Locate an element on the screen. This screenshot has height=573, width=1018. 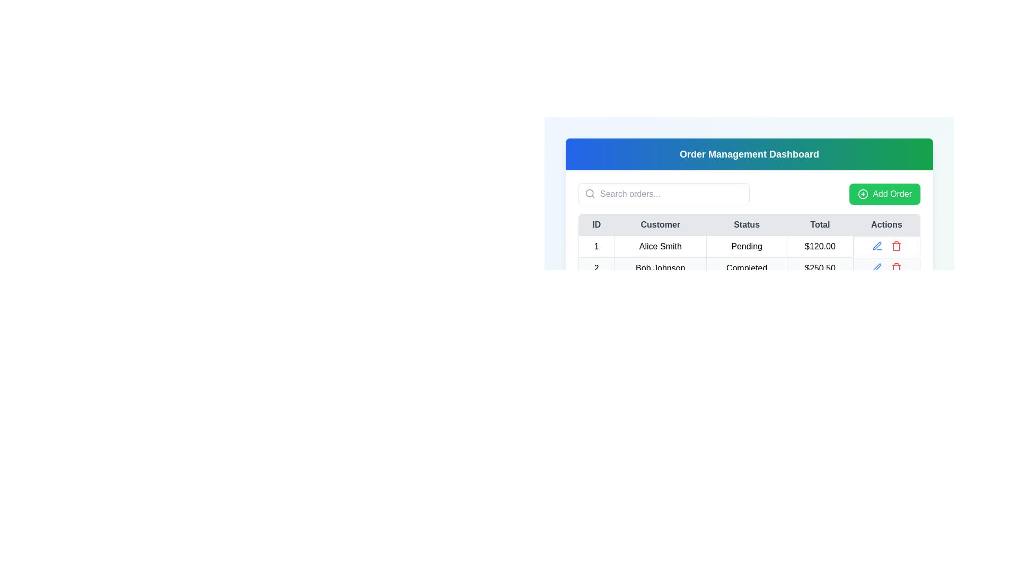
the circular search icon component located at the top left corner of the search bar below the 'Order Management Dashboard' heading is located at coordinates (589, 193).